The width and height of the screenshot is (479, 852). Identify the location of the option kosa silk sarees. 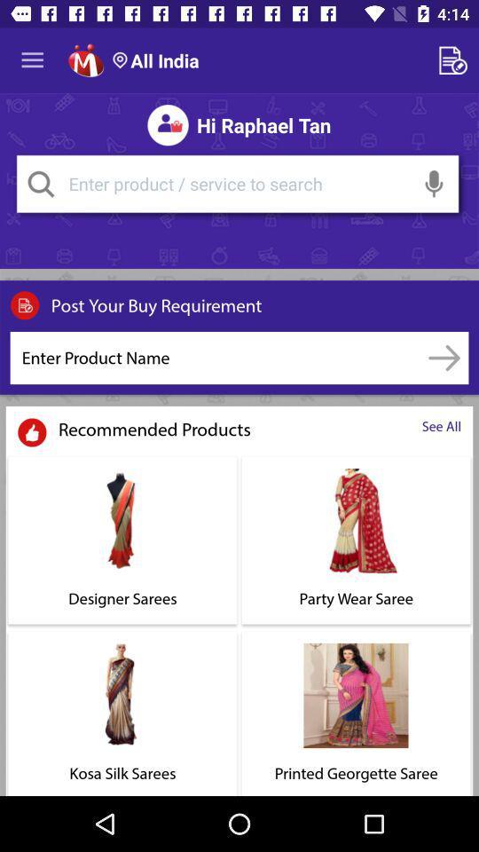
(122, 712).